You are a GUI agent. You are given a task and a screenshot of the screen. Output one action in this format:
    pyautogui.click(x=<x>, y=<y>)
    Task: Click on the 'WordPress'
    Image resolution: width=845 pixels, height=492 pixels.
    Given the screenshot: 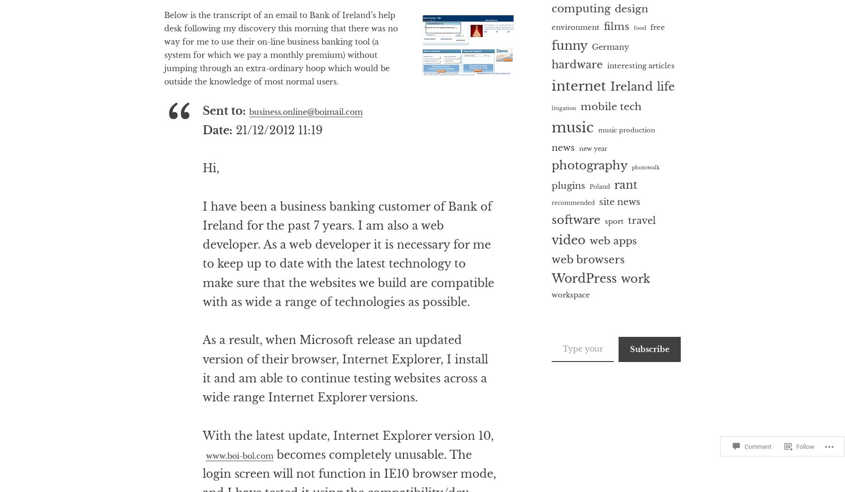 What is the action you would take?
    pyautogui.click(x=584, y=278)
    